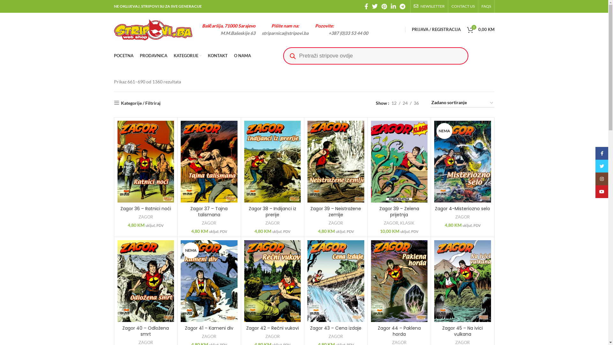  Describe the element at coordinates (187, 55) in the screenshot. I see `'KATEGORIJE'` at that location.